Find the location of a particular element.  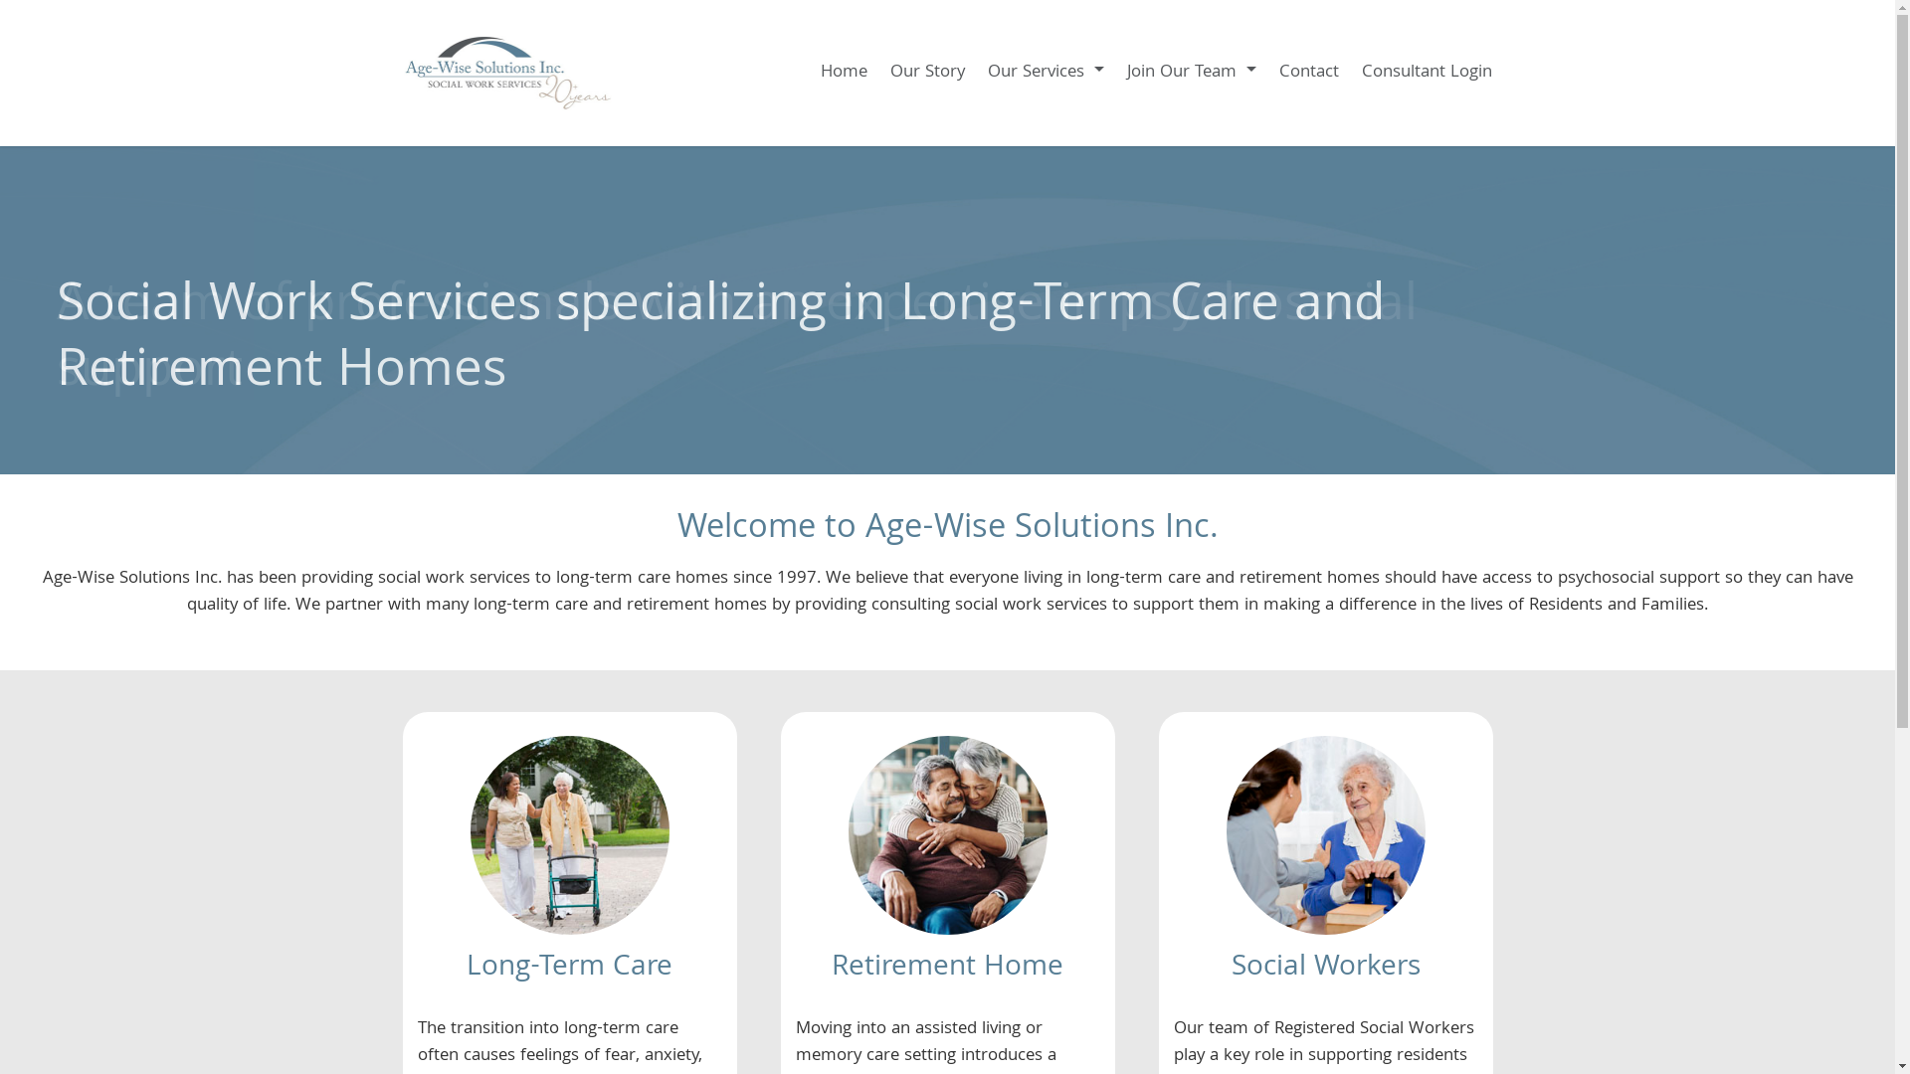

'Join Our Team' is located at coordinates (1188, 72).